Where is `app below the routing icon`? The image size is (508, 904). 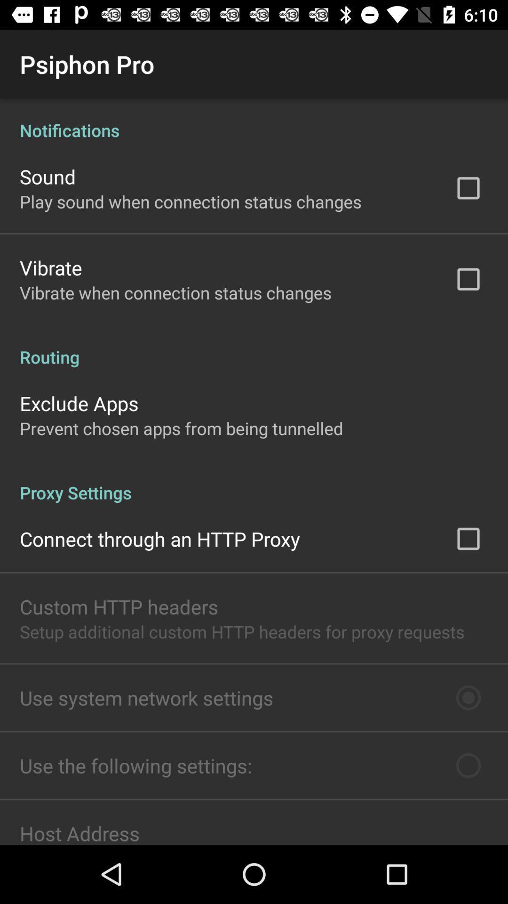
app below the routing icon is located at coordinates (79, 403).